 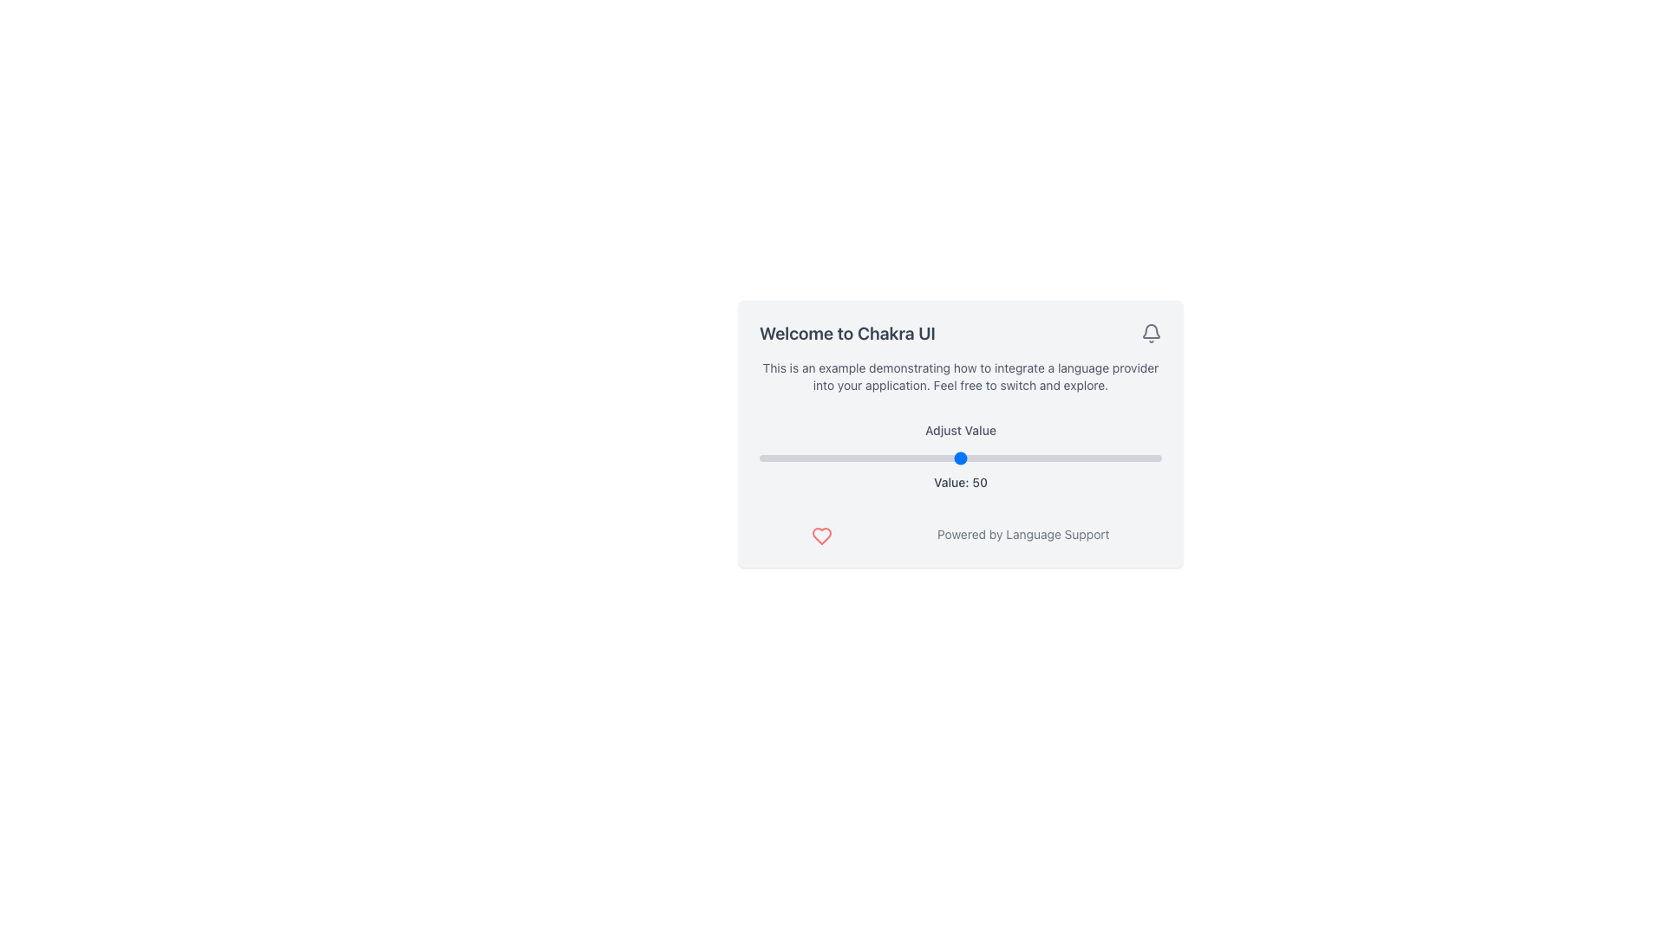 What do you see at coordinates (759, 457) in the screenshot?
I see `the adjustment slider` at bounding box center [759, 457].